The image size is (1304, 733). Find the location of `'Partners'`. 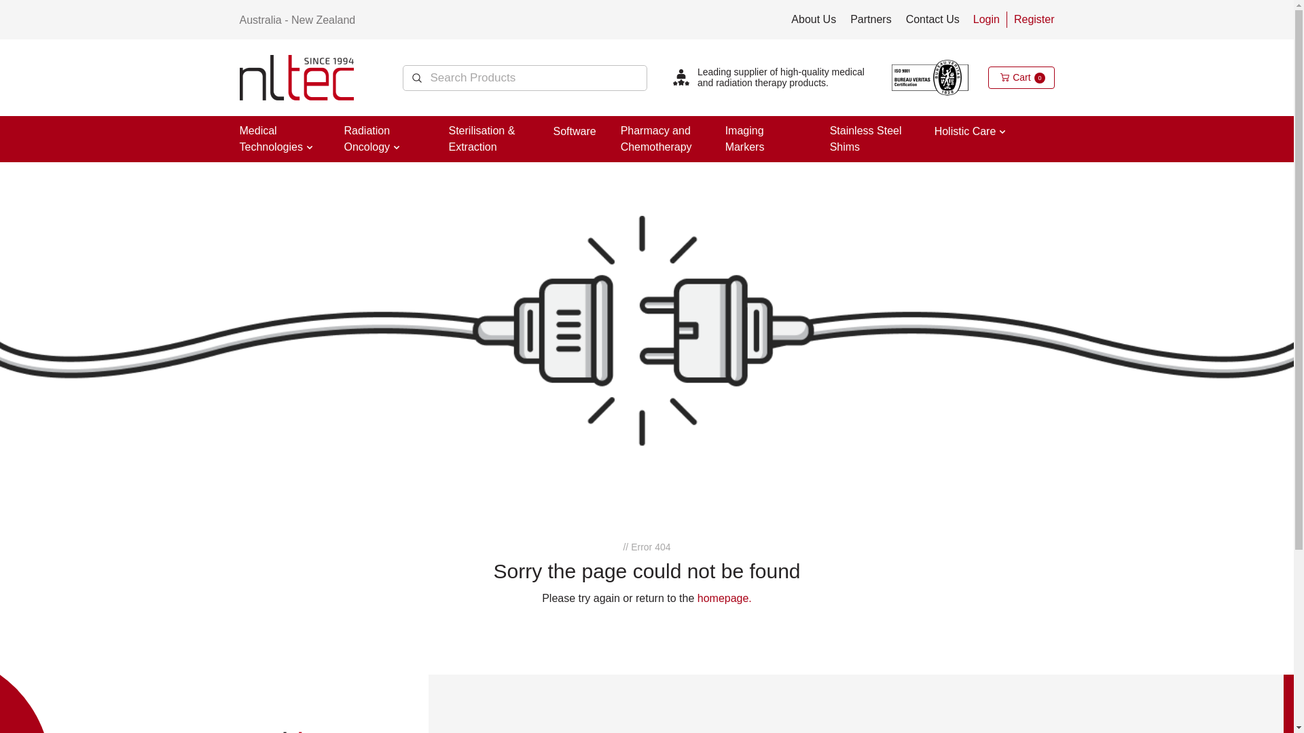

'Partners' is located at coordinates (870, 19).